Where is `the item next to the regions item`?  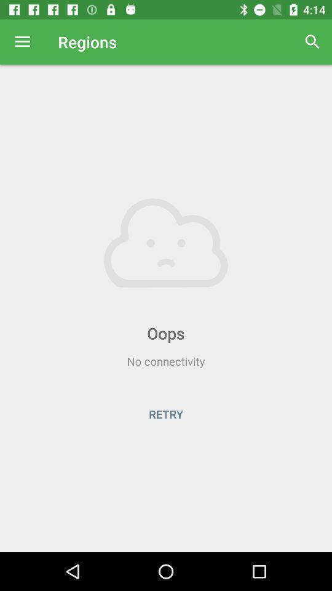 the item next to the regions item is located at coordinates (312, 42).